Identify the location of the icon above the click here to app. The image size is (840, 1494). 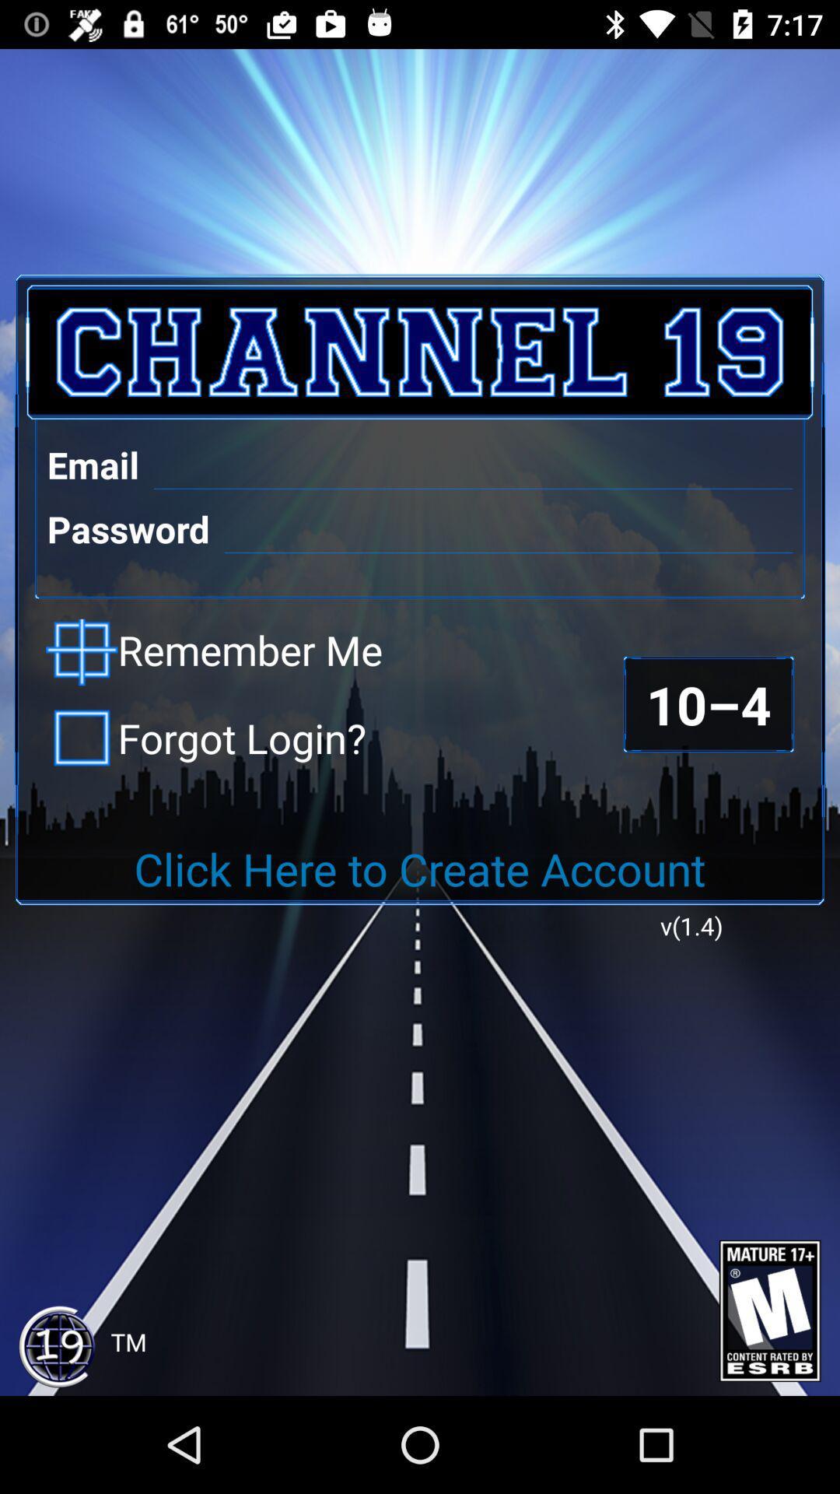
(205, 737).